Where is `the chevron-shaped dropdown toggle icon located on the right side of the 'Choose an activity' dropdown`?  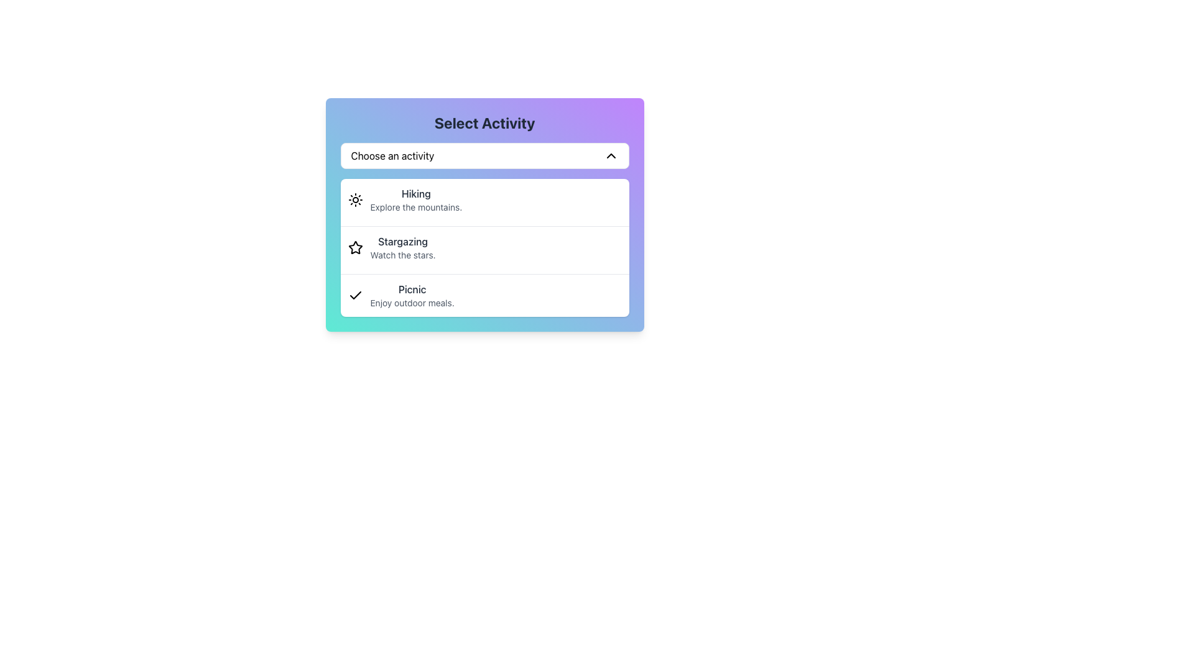 the chevron-shaped dropdown toggle icon located on the right side of the 'Choose an activity' dropdown is located at coordinates (611, 155).